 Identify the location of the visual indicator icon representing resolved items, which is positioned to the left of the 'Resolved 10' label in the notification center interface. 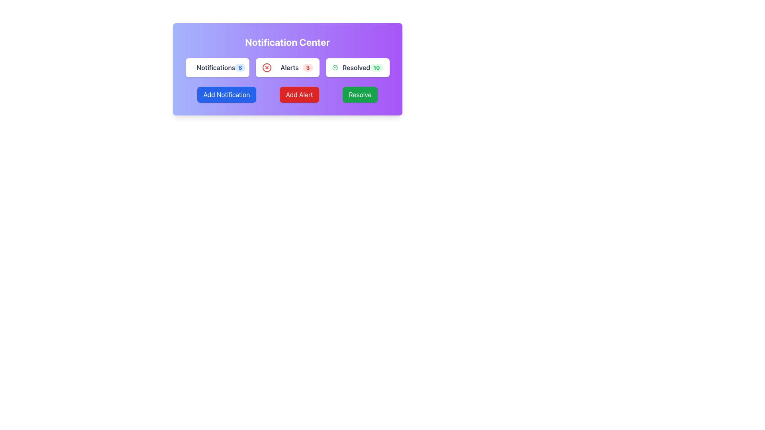
(335, 67).